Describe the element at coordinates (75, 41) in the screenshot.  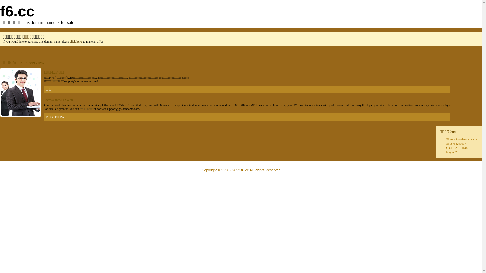
I see `'click here'` at that location.